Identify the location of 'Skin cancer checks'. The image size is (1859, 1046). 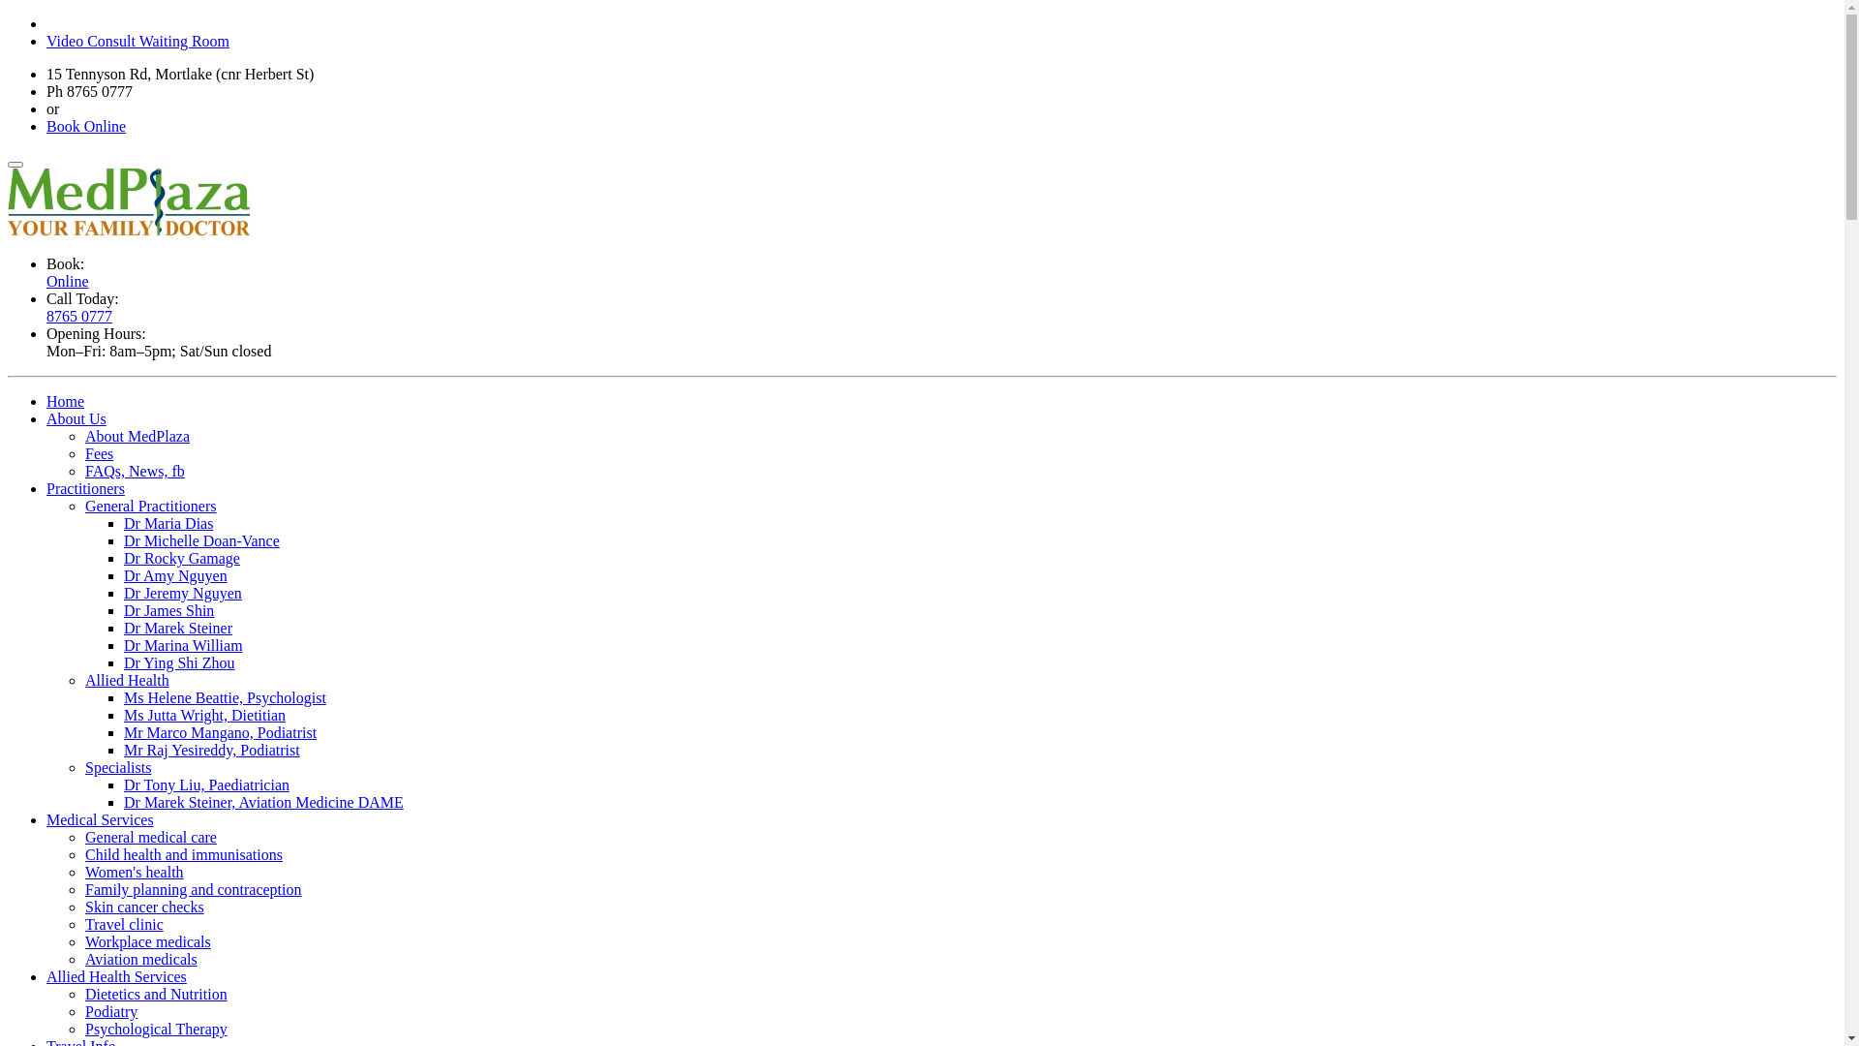
(143, 907).